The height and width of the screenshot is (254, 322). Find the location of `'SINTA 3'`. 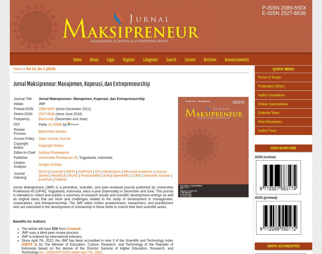

'SINTA 3' is located at coordinates (22, 244).